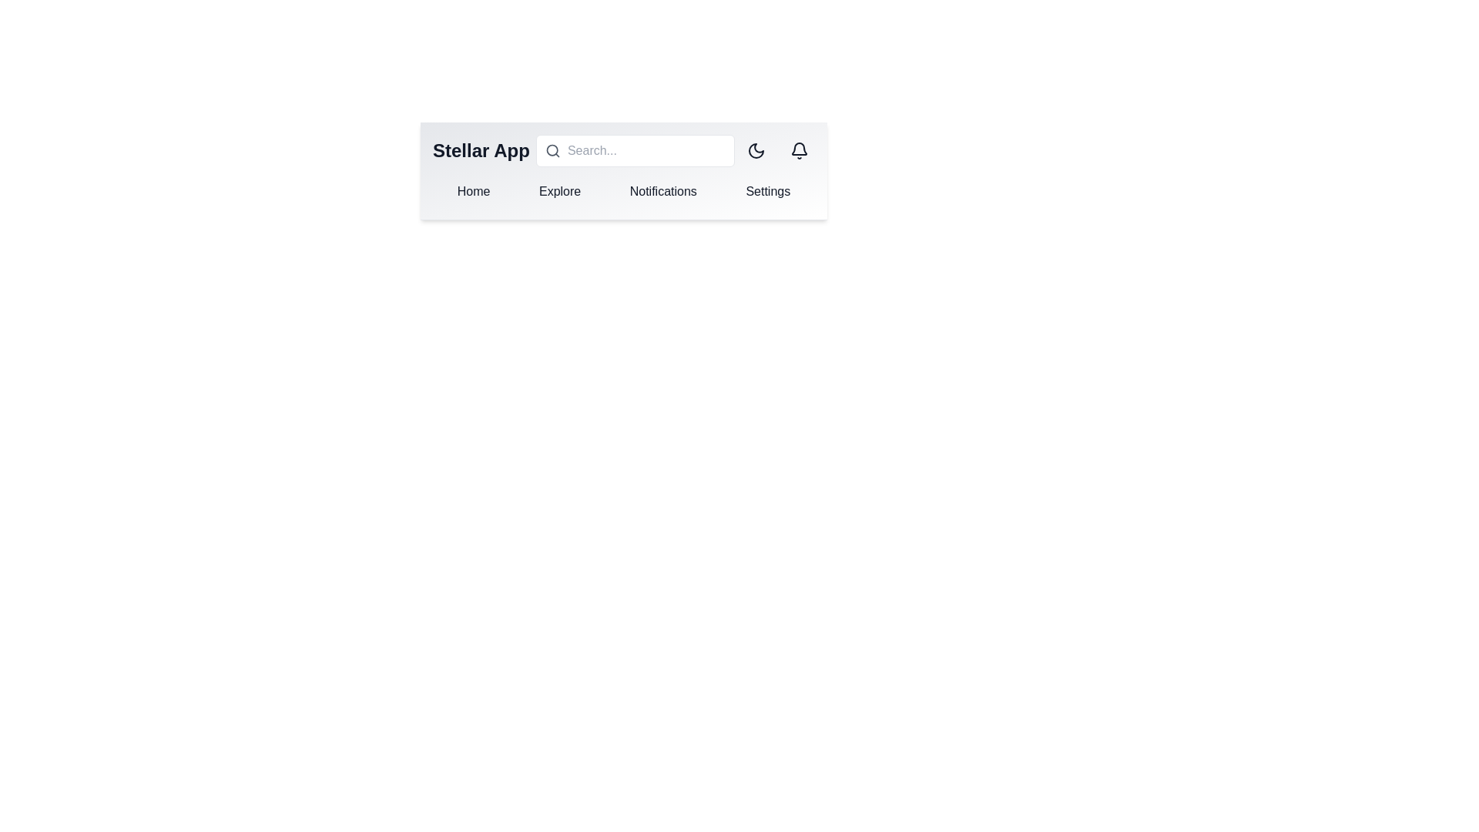 The image size is (1479, 832). I want to click on the moon/sun toggle button to toggle the dark mode, so click(756, 151).